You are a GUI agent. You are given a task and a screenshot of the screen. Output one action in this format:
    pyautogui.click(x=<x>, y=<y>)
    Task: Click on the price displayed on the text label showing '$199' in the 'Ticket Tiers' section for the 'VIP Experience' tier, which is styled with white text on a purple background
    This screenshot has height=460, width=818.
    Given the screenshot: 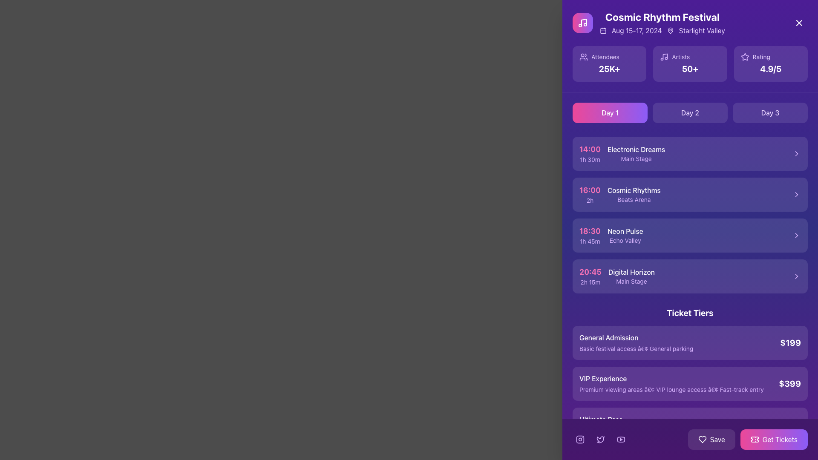 What is the action you would take?
    pyautogui.click(x=790, y=342)
    